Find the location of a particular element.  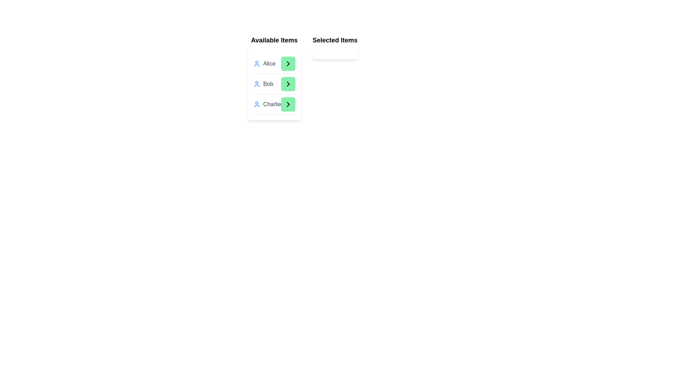

green arrow button next to the item Bob in the 'Available Items' list to transfer it to the 'Selected Items' list is located at coordinates (288, 83).